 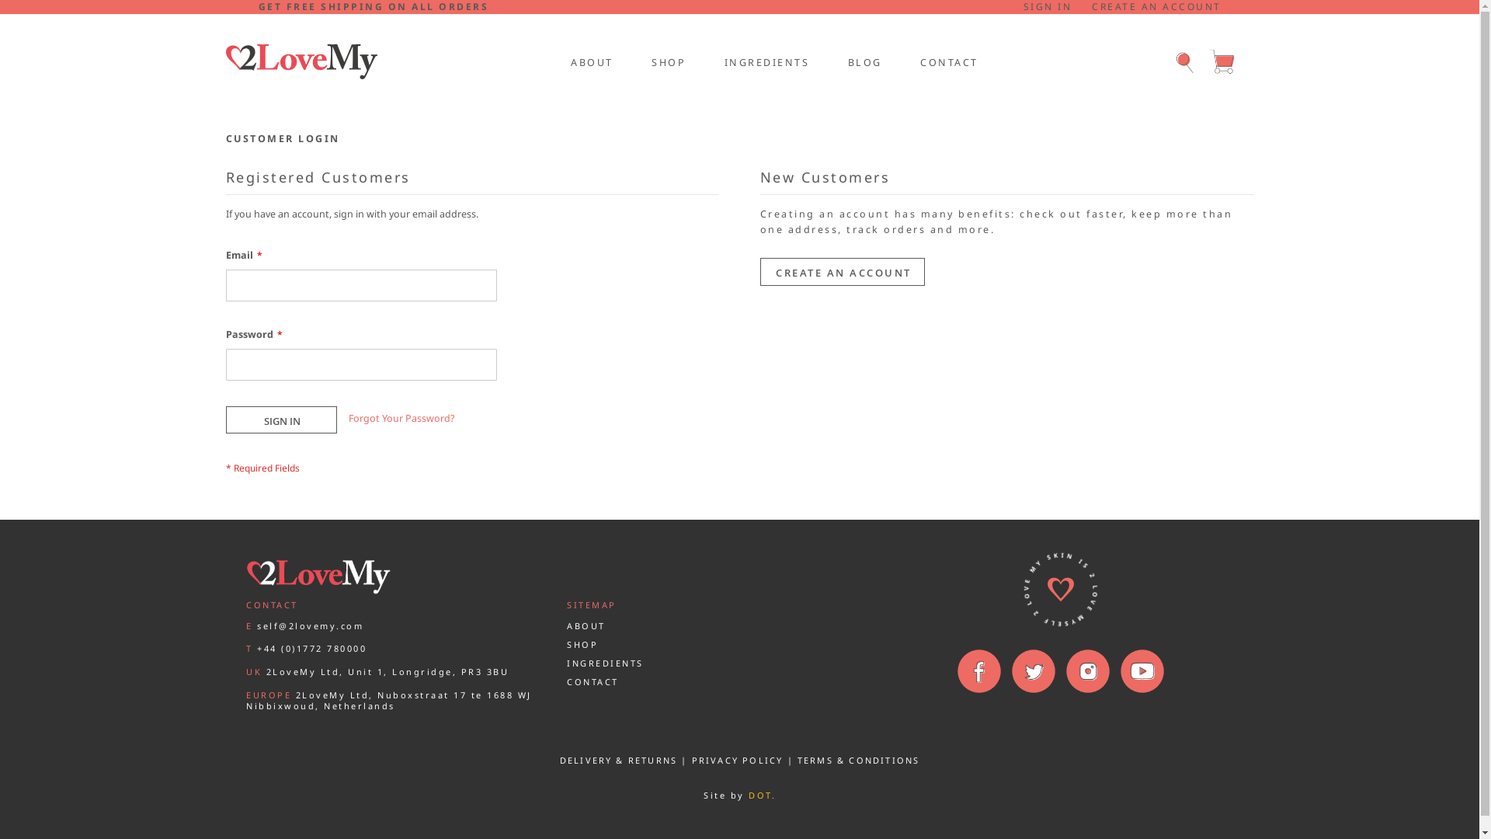 What do you see at coordinates (739, 795) in the screenshot?
I see `'Site by DOT.'` at bounding box center [739, 795].